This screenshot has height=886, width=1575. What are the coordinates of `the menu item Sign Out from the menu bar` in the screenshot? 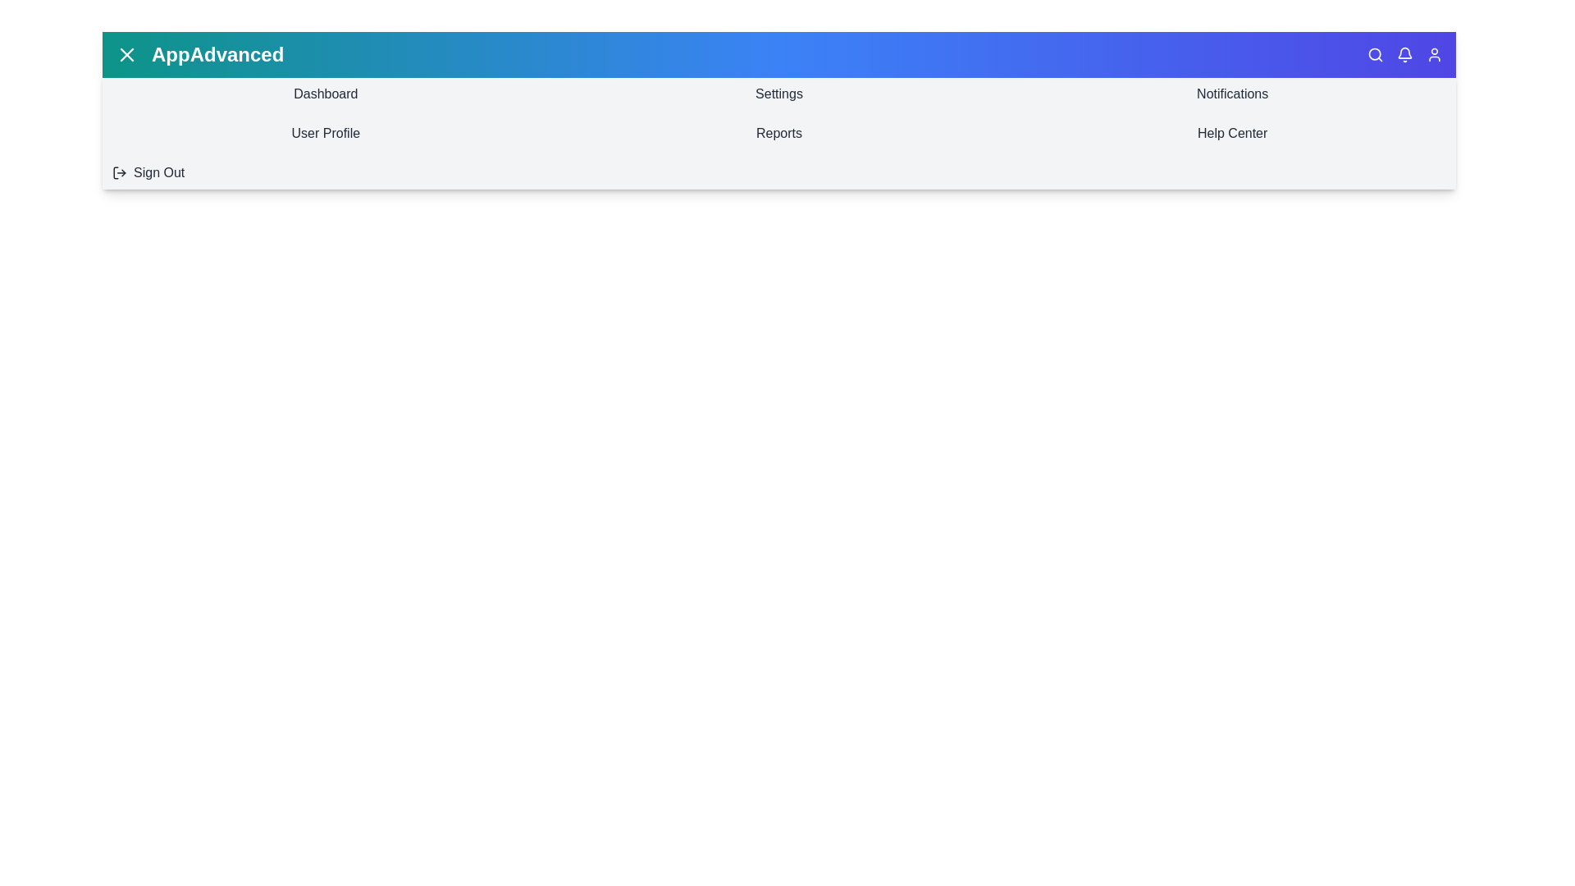 It's located at (326, 173).